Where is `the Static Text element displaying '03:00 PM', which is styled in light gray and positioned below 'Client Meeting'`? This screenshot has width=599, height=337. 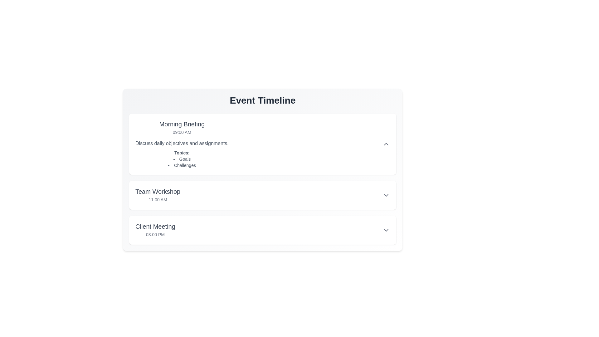 the Static Text element displaying '03:00 PM', which is styled in light gray and positioned below 'Client Meeting' is located at coordinates (155, 235).